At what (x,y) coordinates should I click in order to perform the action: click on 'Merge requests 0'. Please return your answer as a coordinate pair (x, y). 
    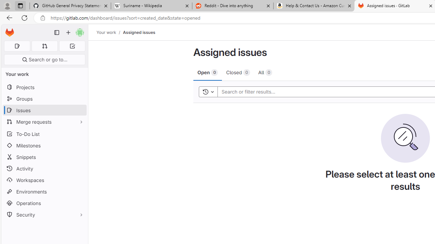
    Looking at the image, I should click on (44, 46).